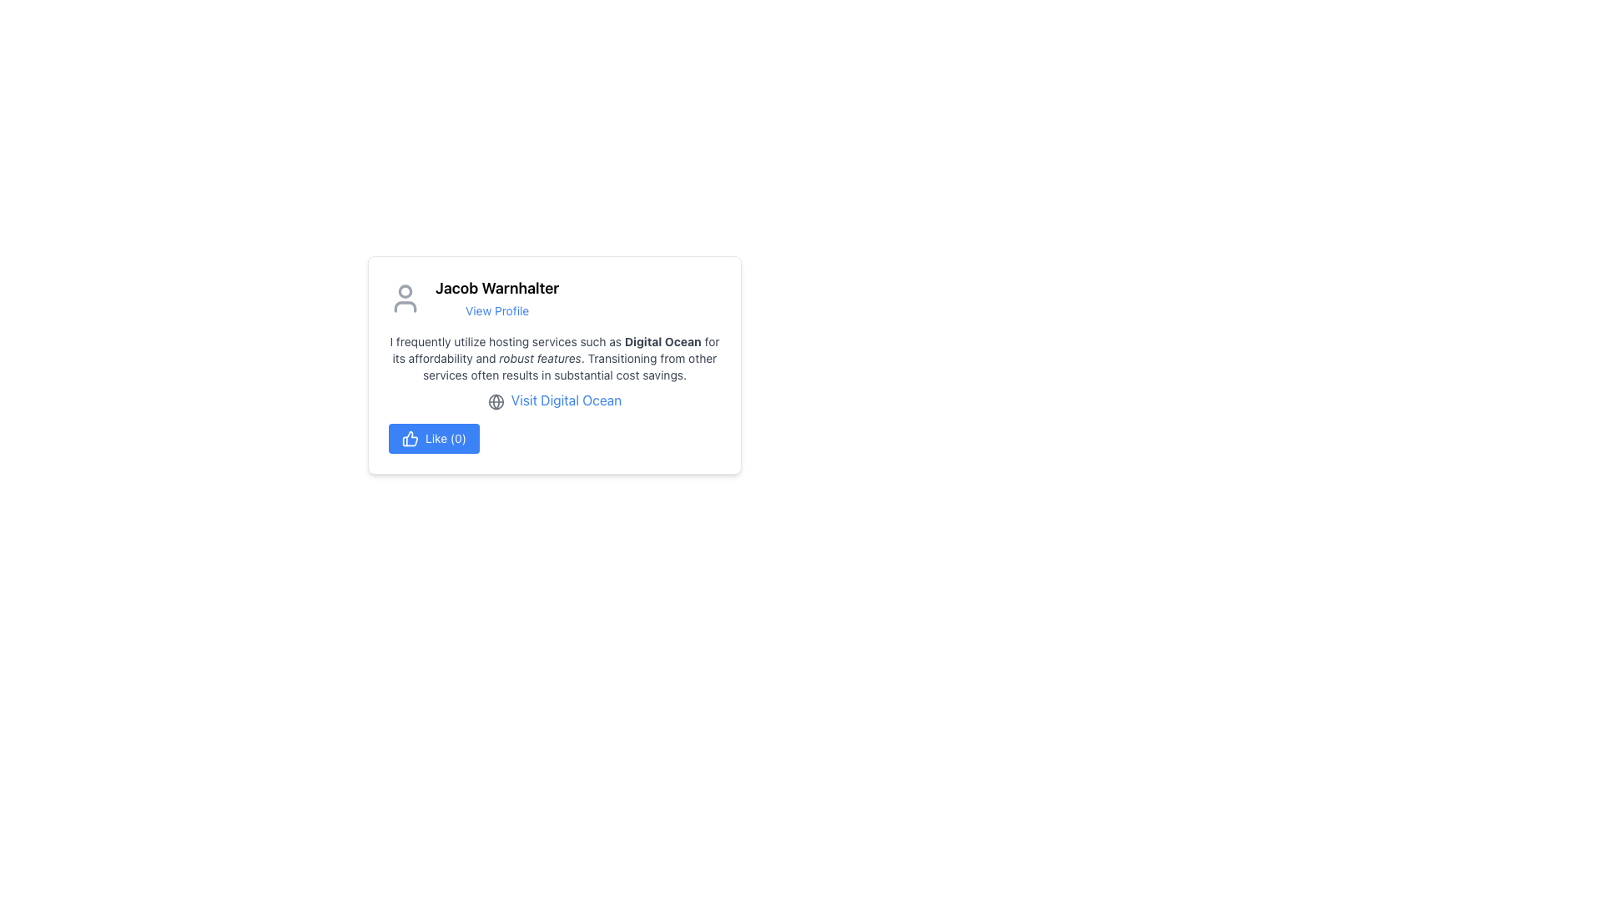 The width and height of the screenshot is (1602, 901). I want to click on the like button located directly below the user's profile description to increment the like count, so click(434, 437).